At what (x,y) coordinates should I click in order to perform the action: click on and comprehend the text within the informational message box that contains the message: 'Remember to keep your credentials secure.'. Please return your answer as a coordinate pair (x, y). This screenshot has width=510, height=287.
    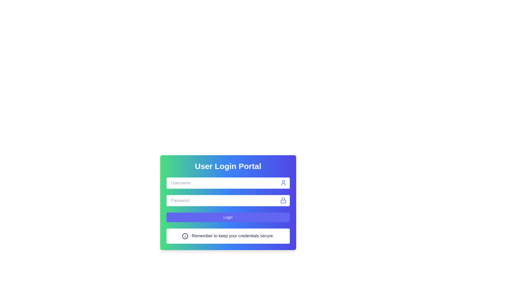
    Looking at the image, I should click on (228, 236).